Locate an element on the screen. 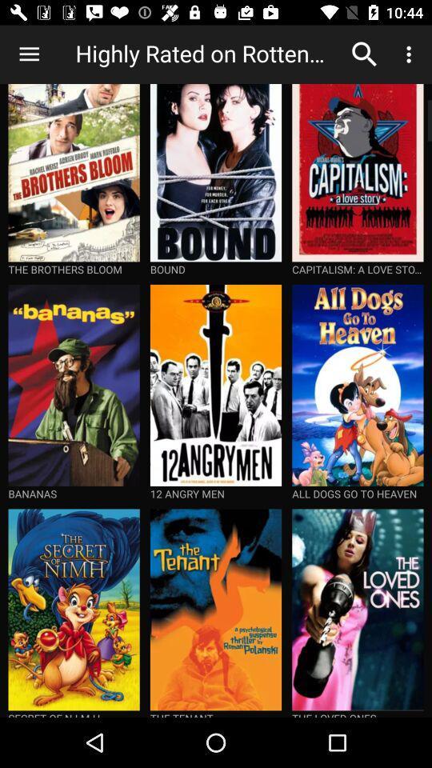 Image resolution: width=432 pixels, height=768 pixels. highly rated on icon is located at coordinates (207, 54).